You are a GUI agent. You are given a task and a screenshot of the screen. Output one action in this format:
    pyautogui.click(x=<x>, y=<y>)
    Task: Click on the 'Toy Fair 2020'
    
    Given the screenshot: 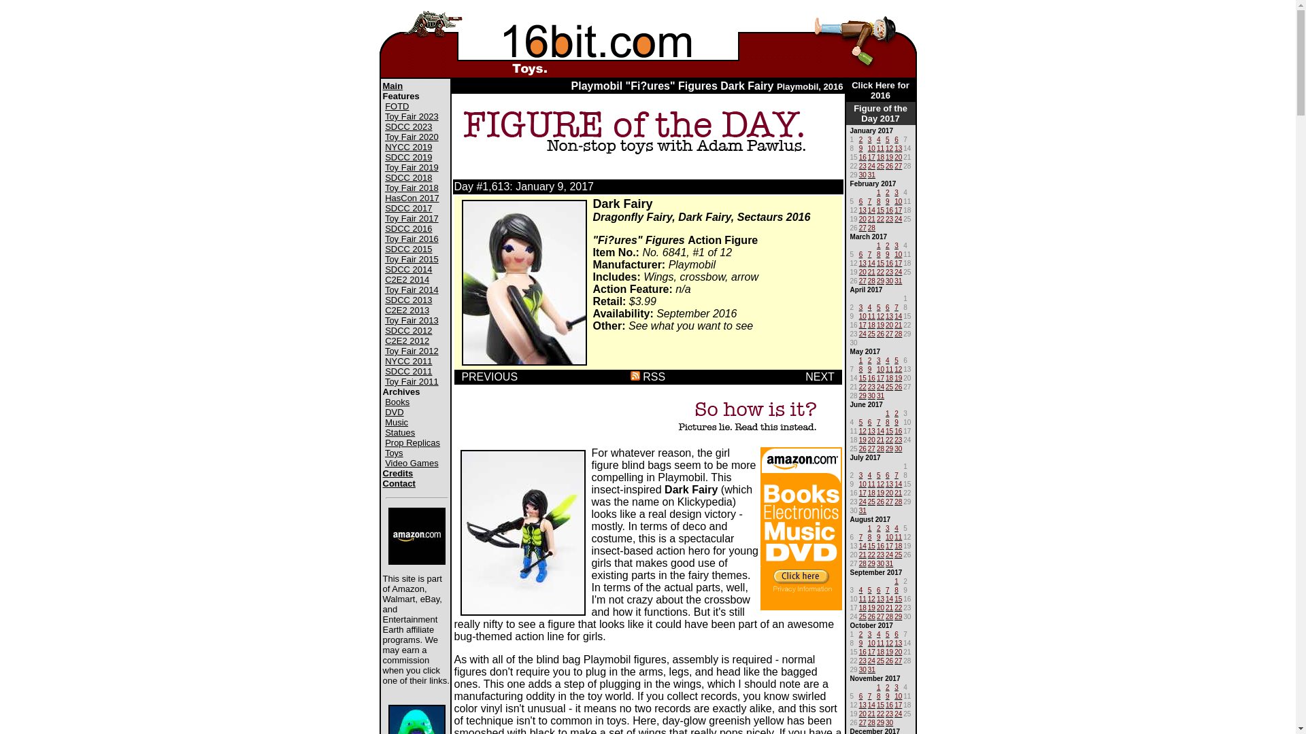 What is the action you would take?
    pyautogui.click(x=411, y=137)
    